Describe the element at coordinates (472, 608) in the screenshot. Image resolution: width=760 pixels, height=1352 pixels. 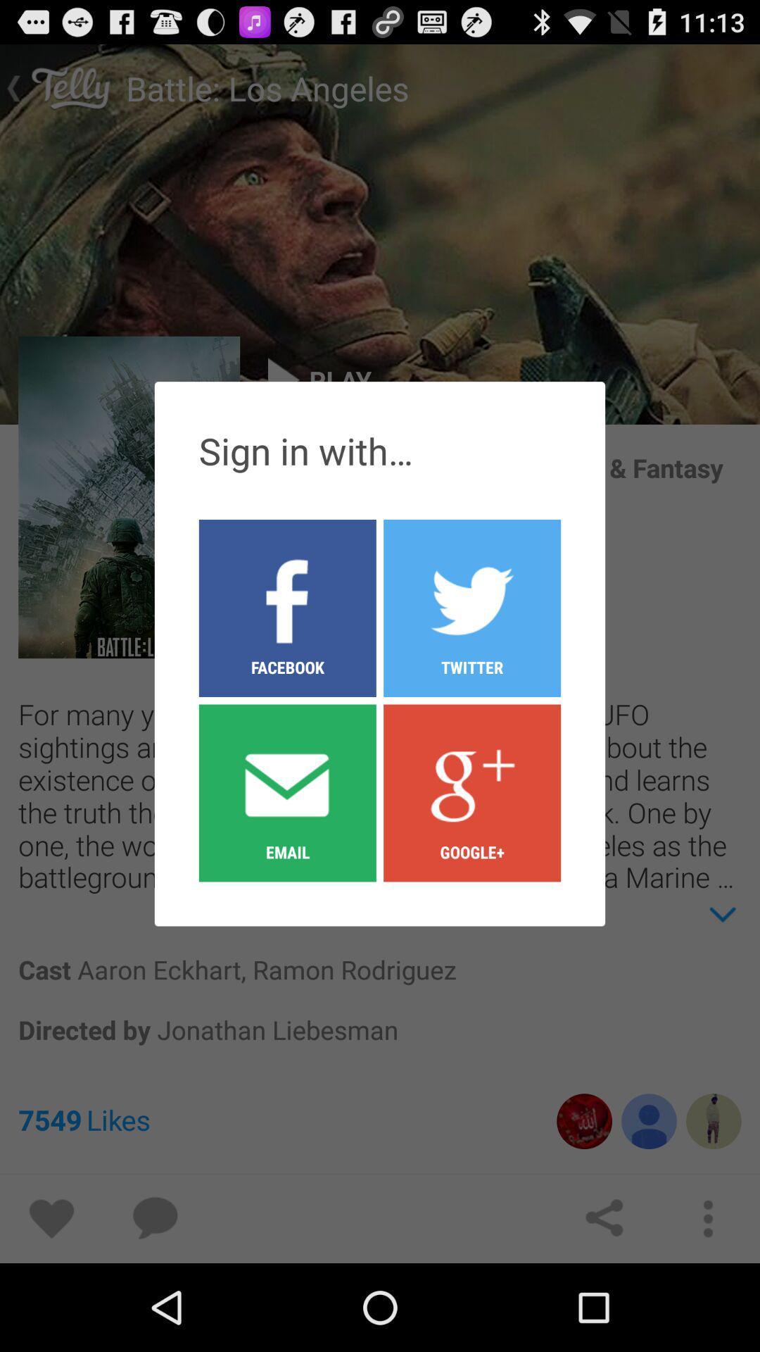
I see `the twitter button` at that location.